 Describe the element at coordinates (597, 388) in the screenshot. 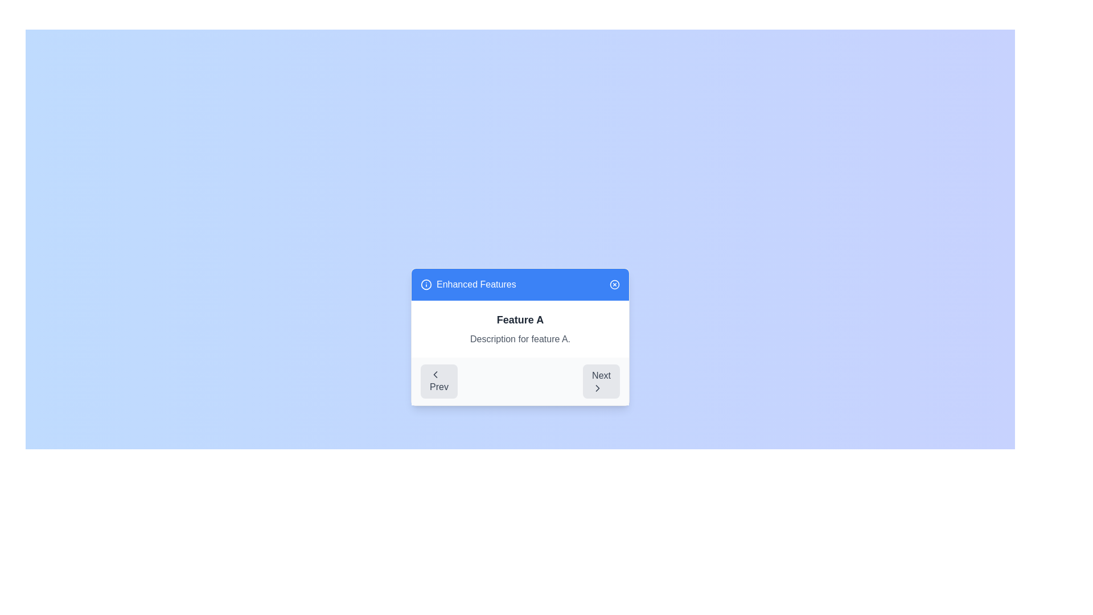

I see `the decorative 'chevron-right' arrow icon located at the far right of the 'Next' button in the bottom-right corner of the card displaying 'Feature A'` at that location.